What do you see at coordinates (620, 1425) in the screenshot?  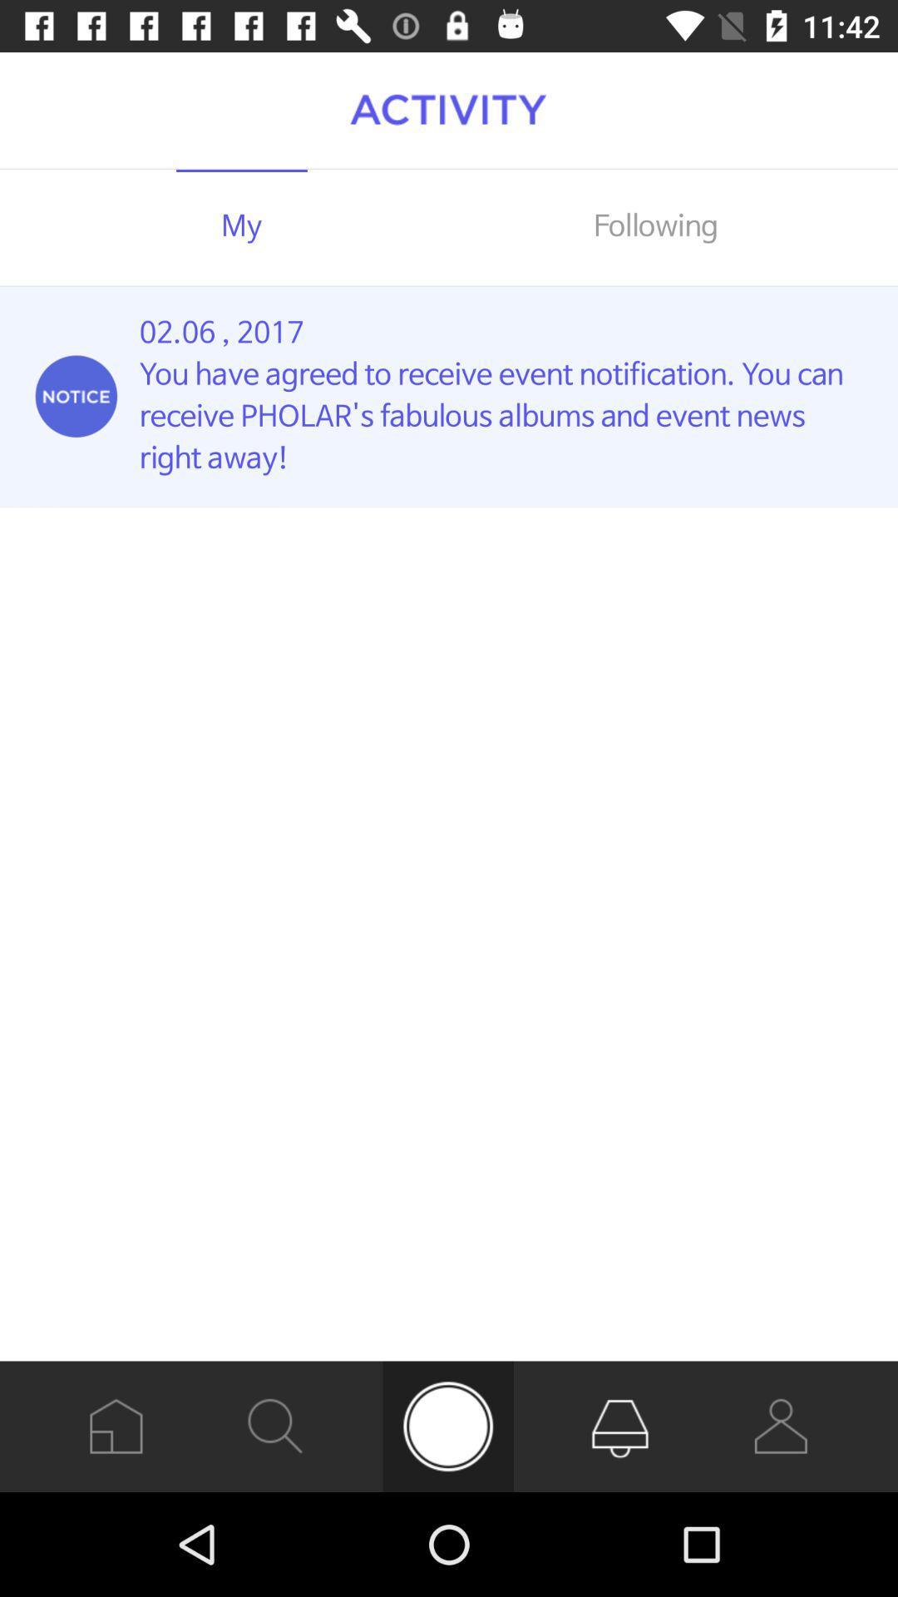 I see `the notifications icon` at bounding box center [620, 1425].